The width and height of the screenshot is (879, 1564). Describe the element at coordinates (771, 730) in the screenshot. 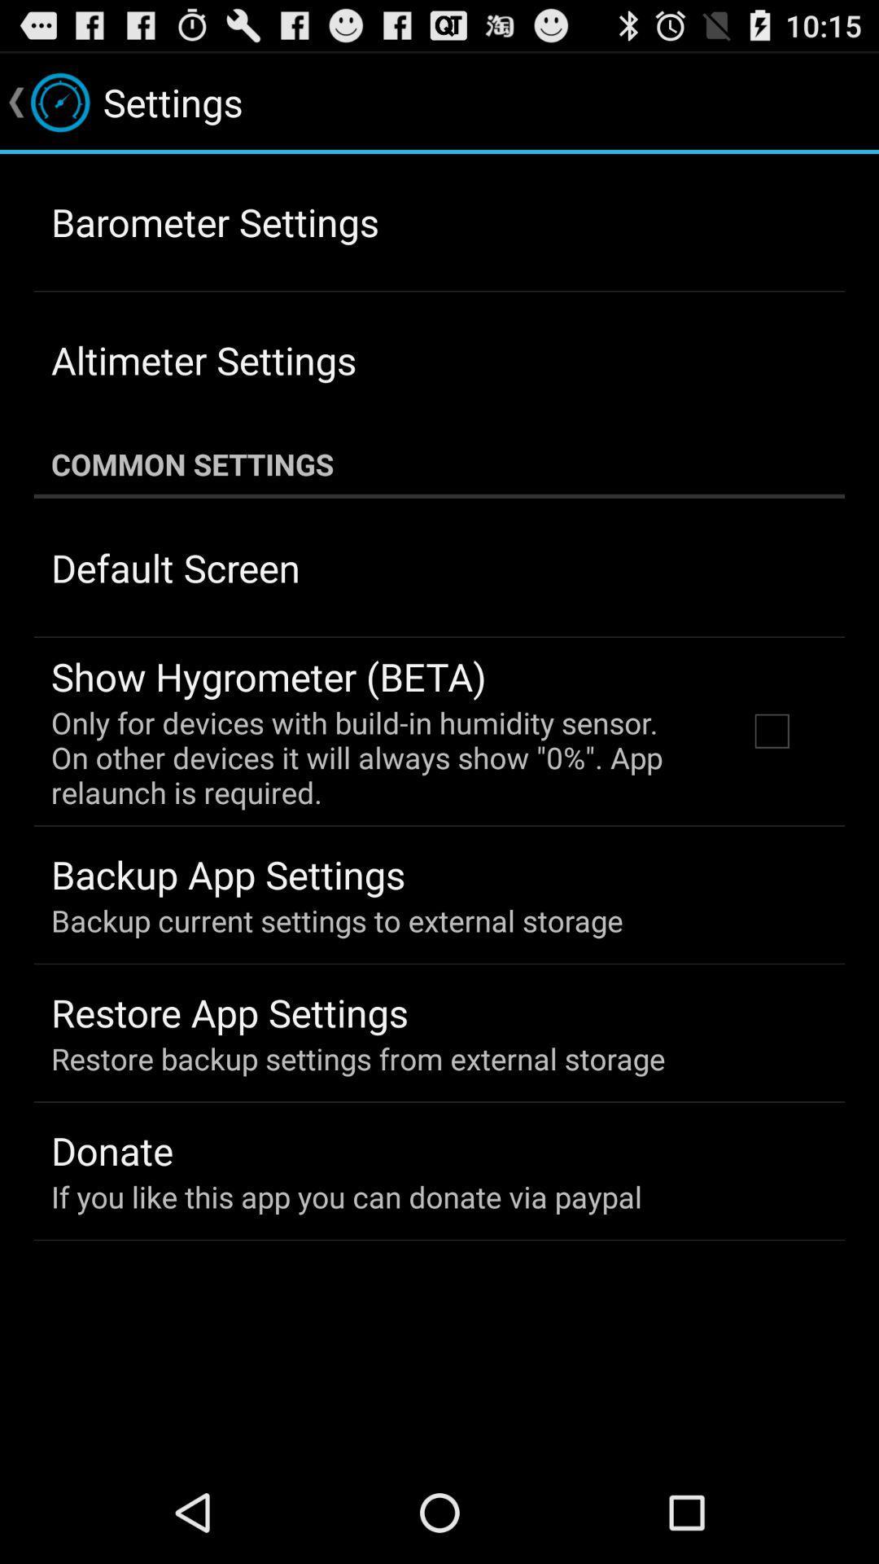

I see `the item below the common settings` at that location.